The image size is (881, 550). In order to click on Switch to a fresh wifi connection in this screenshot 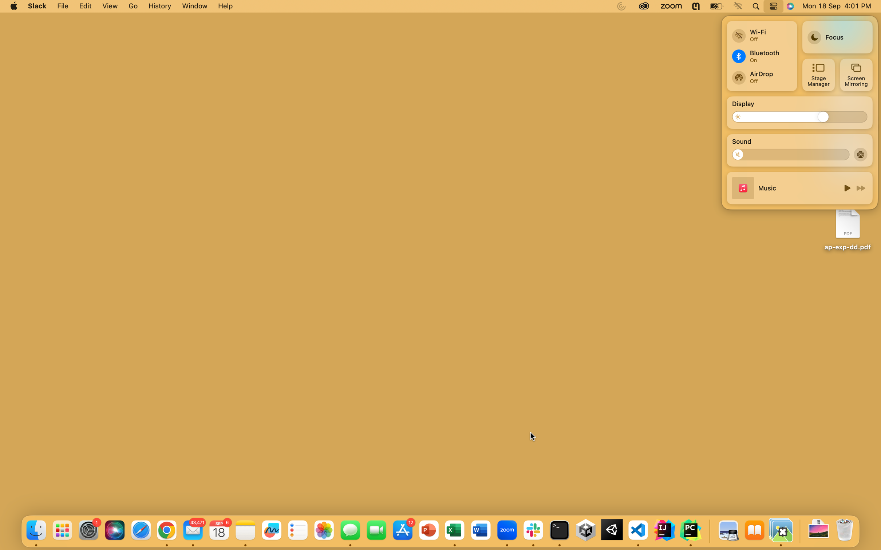, I will do `click(761, 32)`.